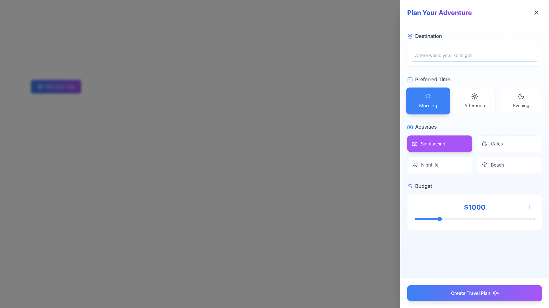 Image resolution: width=549 pixels, height=308 pixels. I want to click on the plus button located on the right side of the monetary display in the Budget section to increment the value from $1000, so click(475, 212).